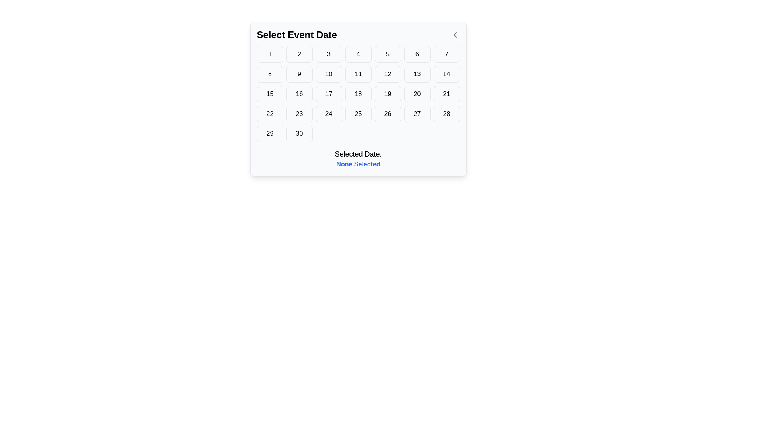  I want to click on a button in the Date picker grid, so click(358, 93).